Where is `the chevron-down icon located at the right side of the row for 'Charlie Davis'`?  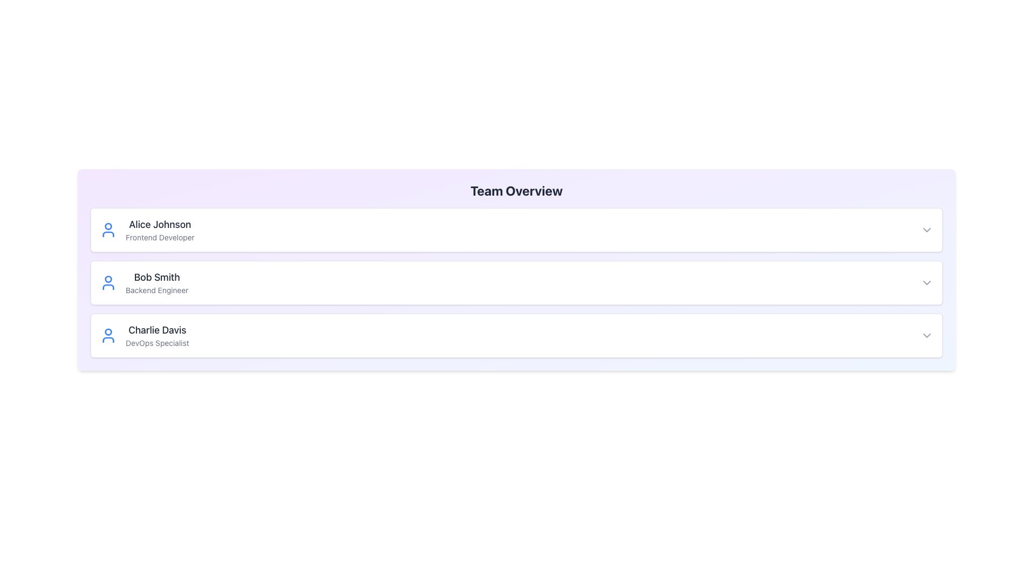 the chevron-down icon located at the right side of the row for 'Charlie Davis' is located at coordinates (926, 335).